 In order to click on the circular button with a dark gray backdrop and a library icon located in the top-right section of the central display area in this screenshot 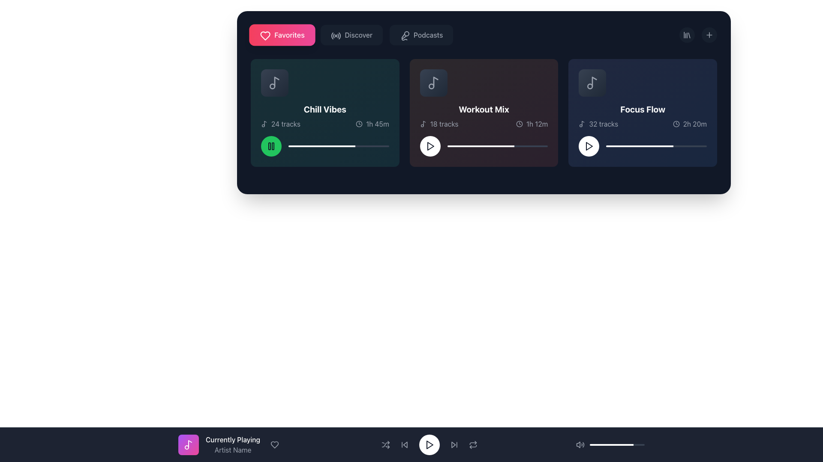, I will do `click(687, 34)`.